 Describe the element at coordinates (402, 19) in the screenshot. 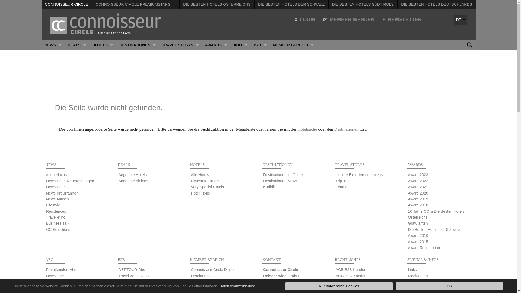

I see `'NEWSLETTER'` at that location.